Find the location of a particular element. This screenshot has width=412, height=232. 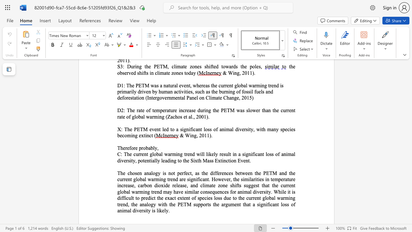

the 1th character "e" in the text is located at coordinates (130, 154).